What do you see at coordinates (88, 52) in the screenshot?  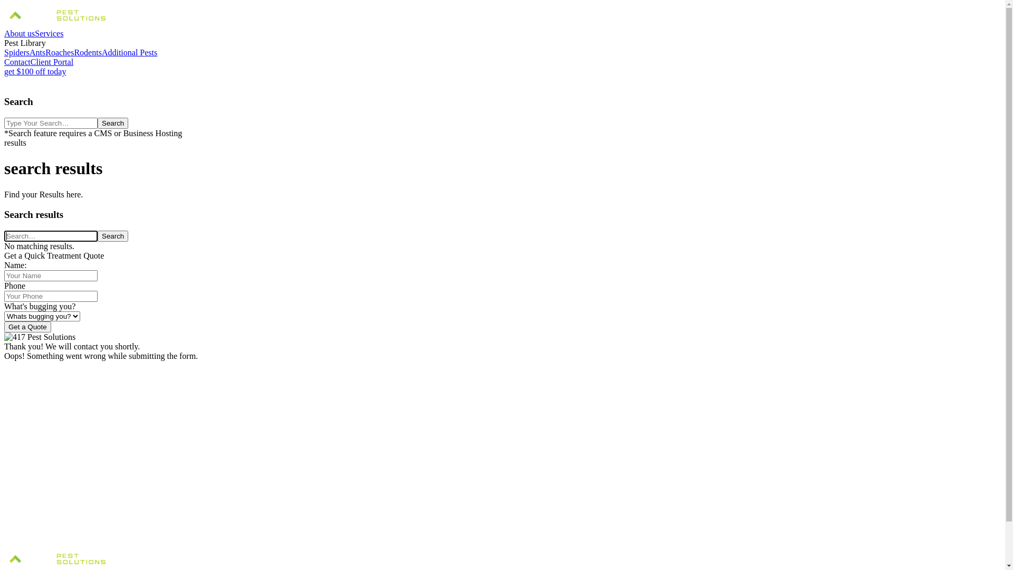 I see `'Rodents'` at bounding box center [88, 52].